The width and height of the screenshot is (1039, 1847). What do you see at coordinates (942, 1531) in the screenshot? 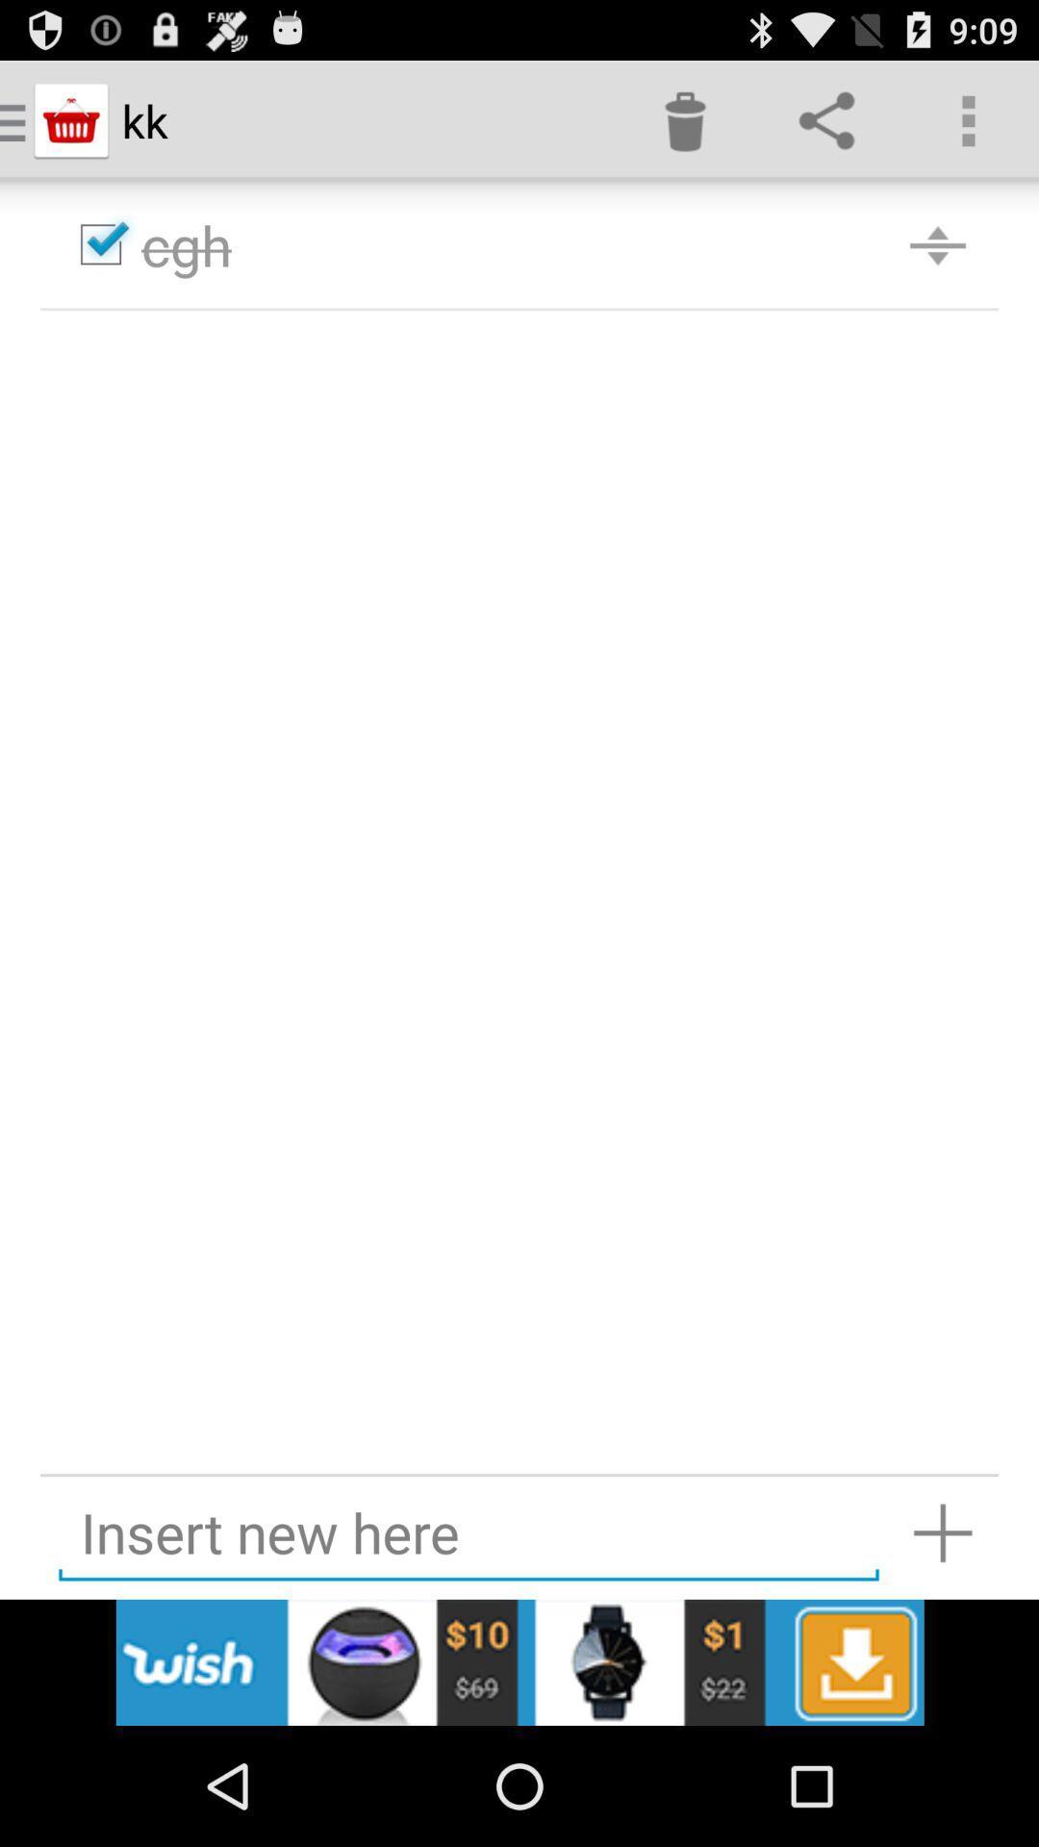
I see `new insert` at bounding box center [942, 1531].